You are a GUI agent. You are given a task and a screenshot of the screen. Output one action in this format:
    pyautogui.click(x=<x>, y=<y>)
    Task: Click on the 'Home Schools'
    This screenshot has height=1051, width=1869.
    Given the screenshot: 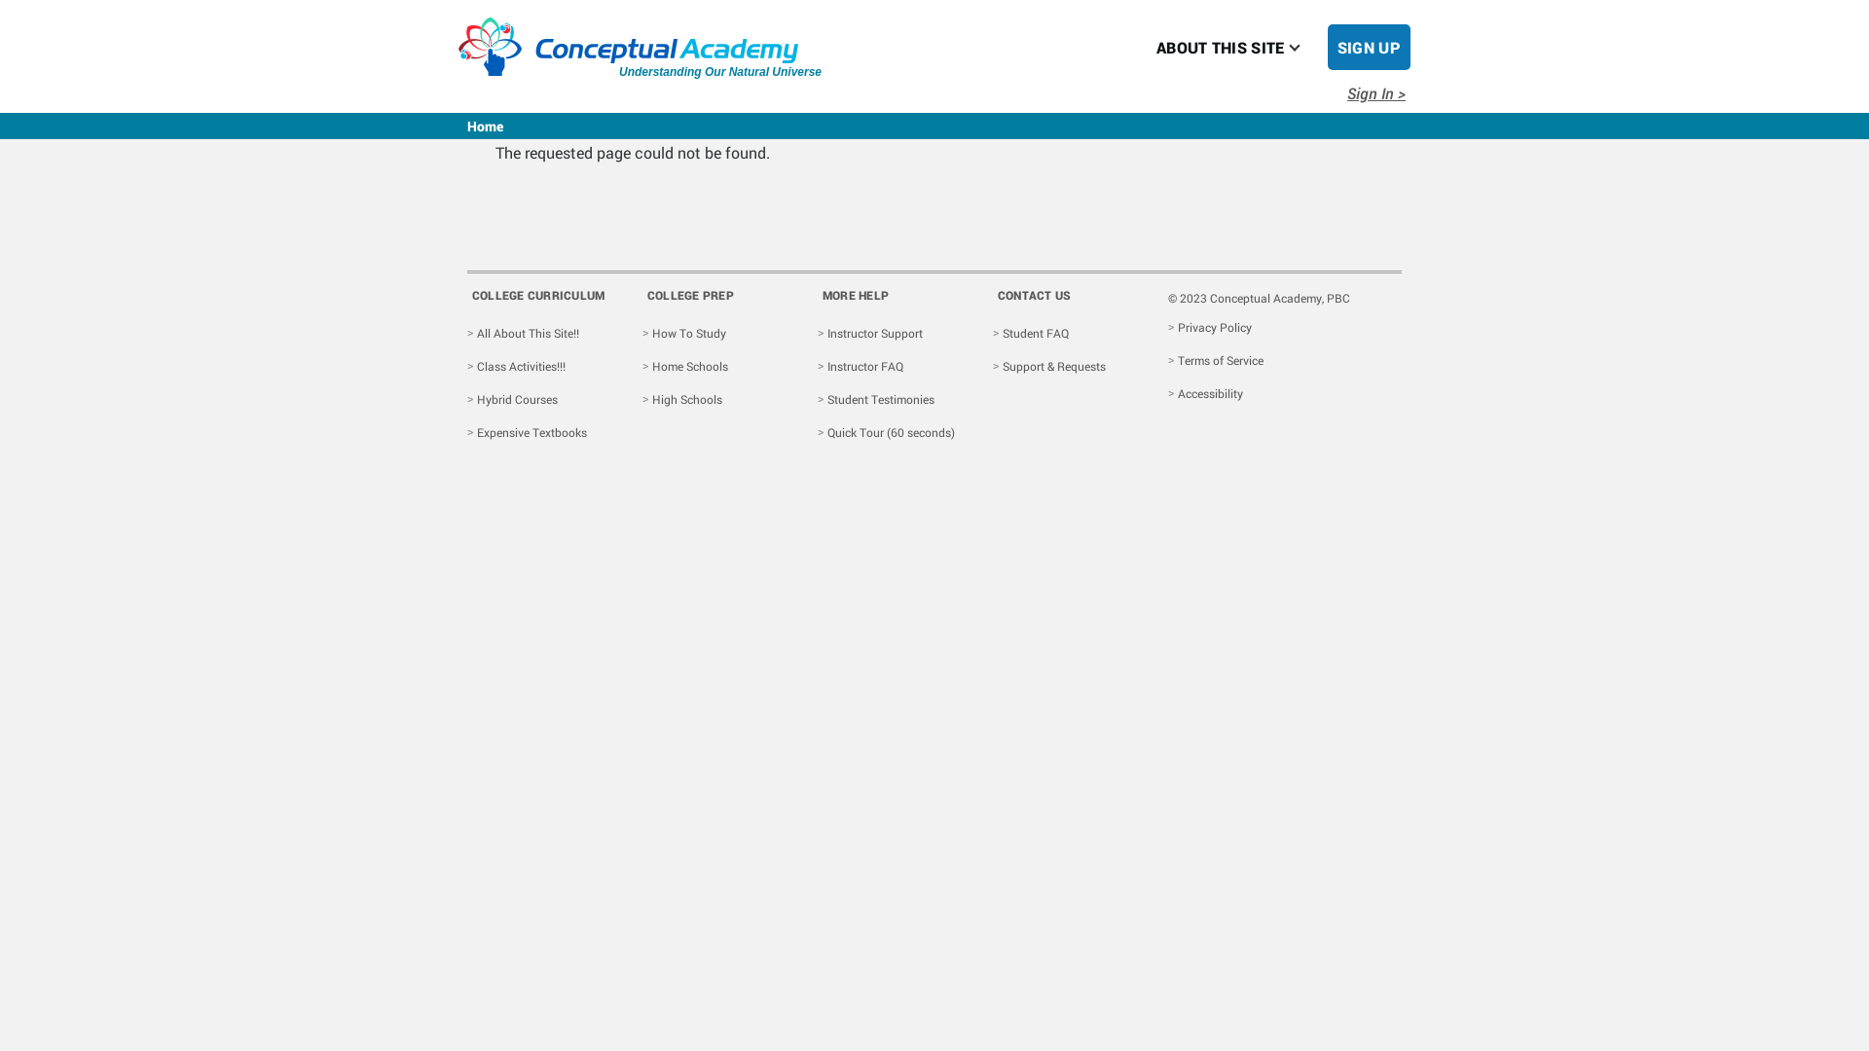 What is the action you would take?
    pyautogui.click(x=690, y=365)
    